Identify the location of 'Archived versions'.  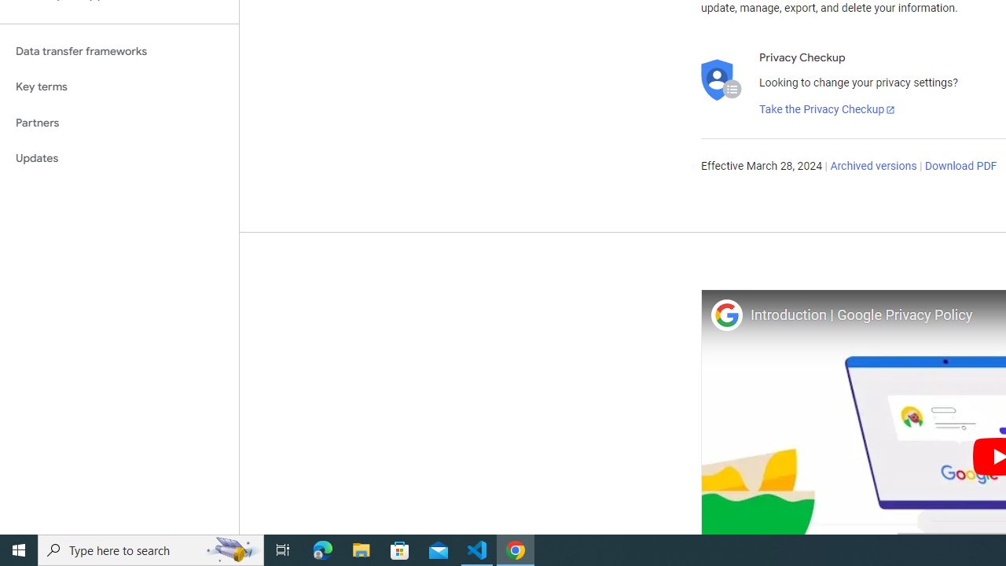
(872, 167).